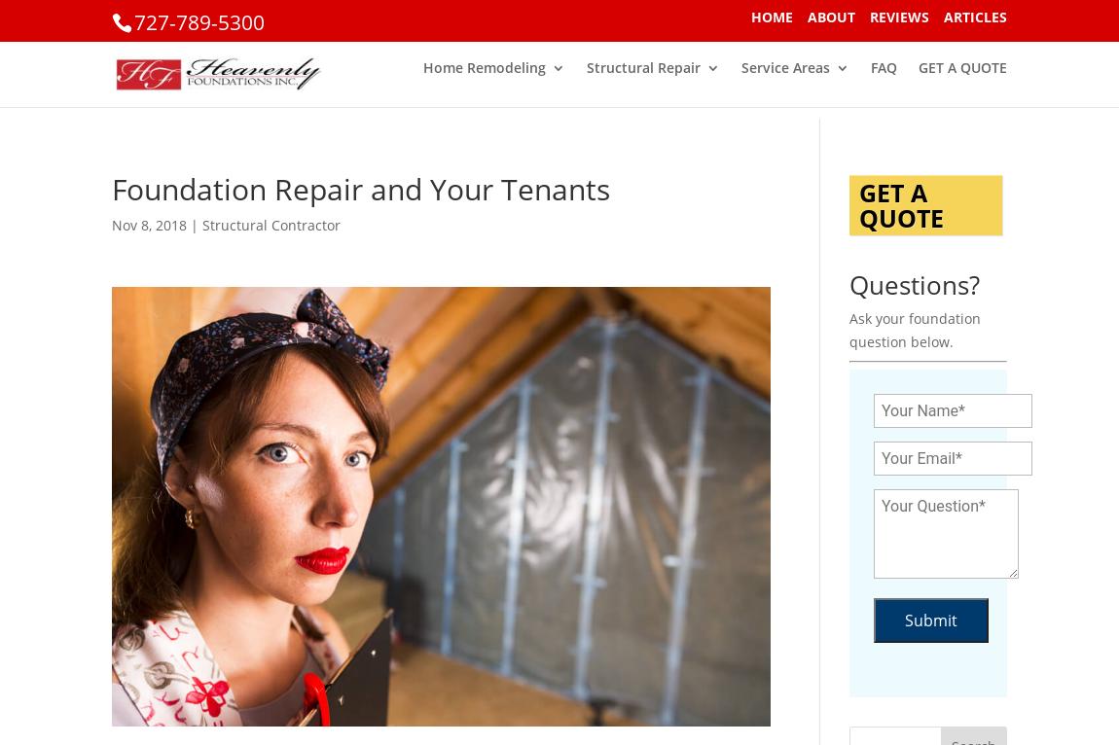 This screenshot has width=1119, height=745. What do you see at coordinates (687, 331) in the screenshot?
I see `'Foundation Cracks'` at bounding box center [687, 331].